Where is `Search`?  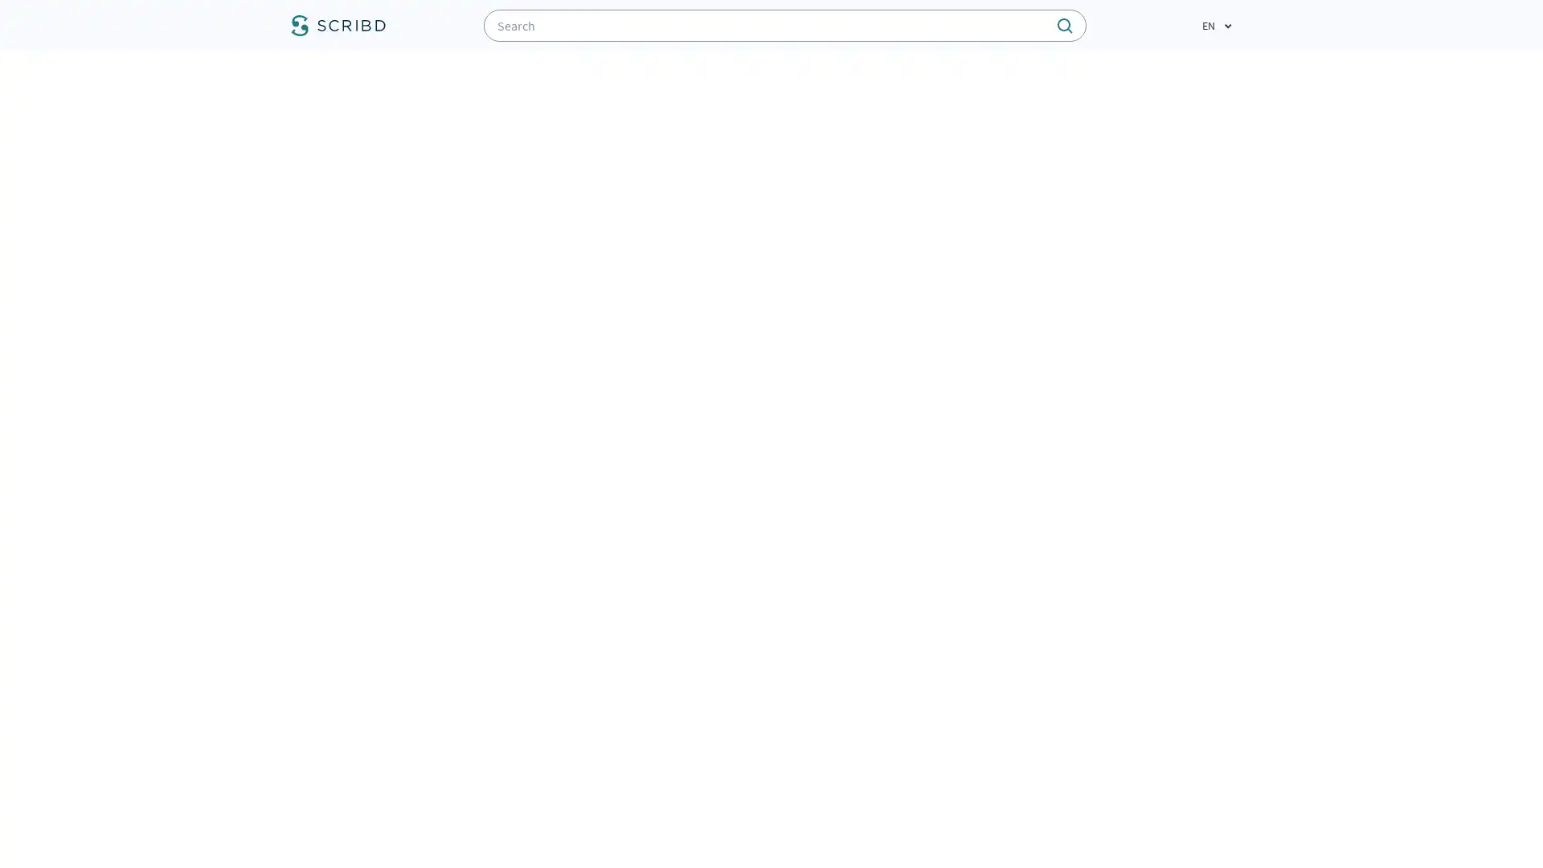 Search is located at coordinates (825, 25).